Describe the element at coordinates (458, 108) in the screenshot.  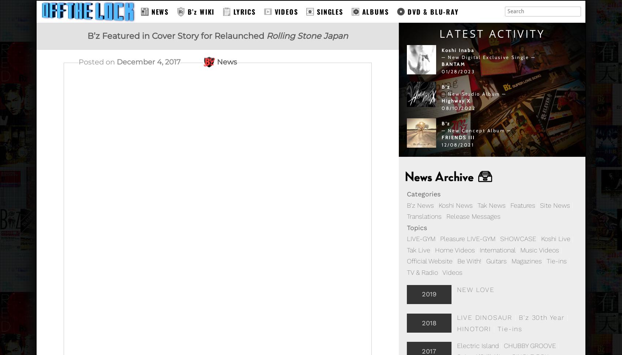
I see `'08/10/2022'` at that location.